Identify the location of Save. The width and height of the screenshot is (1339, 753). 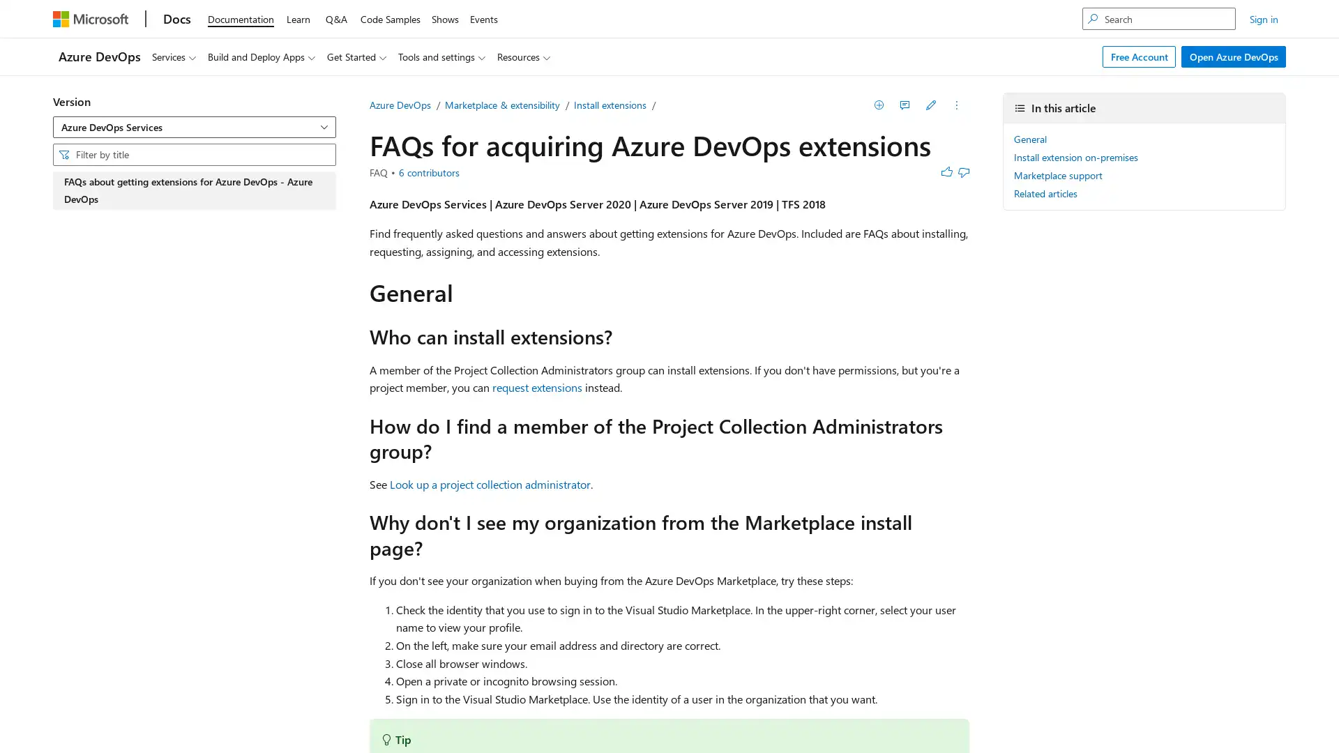
(878, 104).